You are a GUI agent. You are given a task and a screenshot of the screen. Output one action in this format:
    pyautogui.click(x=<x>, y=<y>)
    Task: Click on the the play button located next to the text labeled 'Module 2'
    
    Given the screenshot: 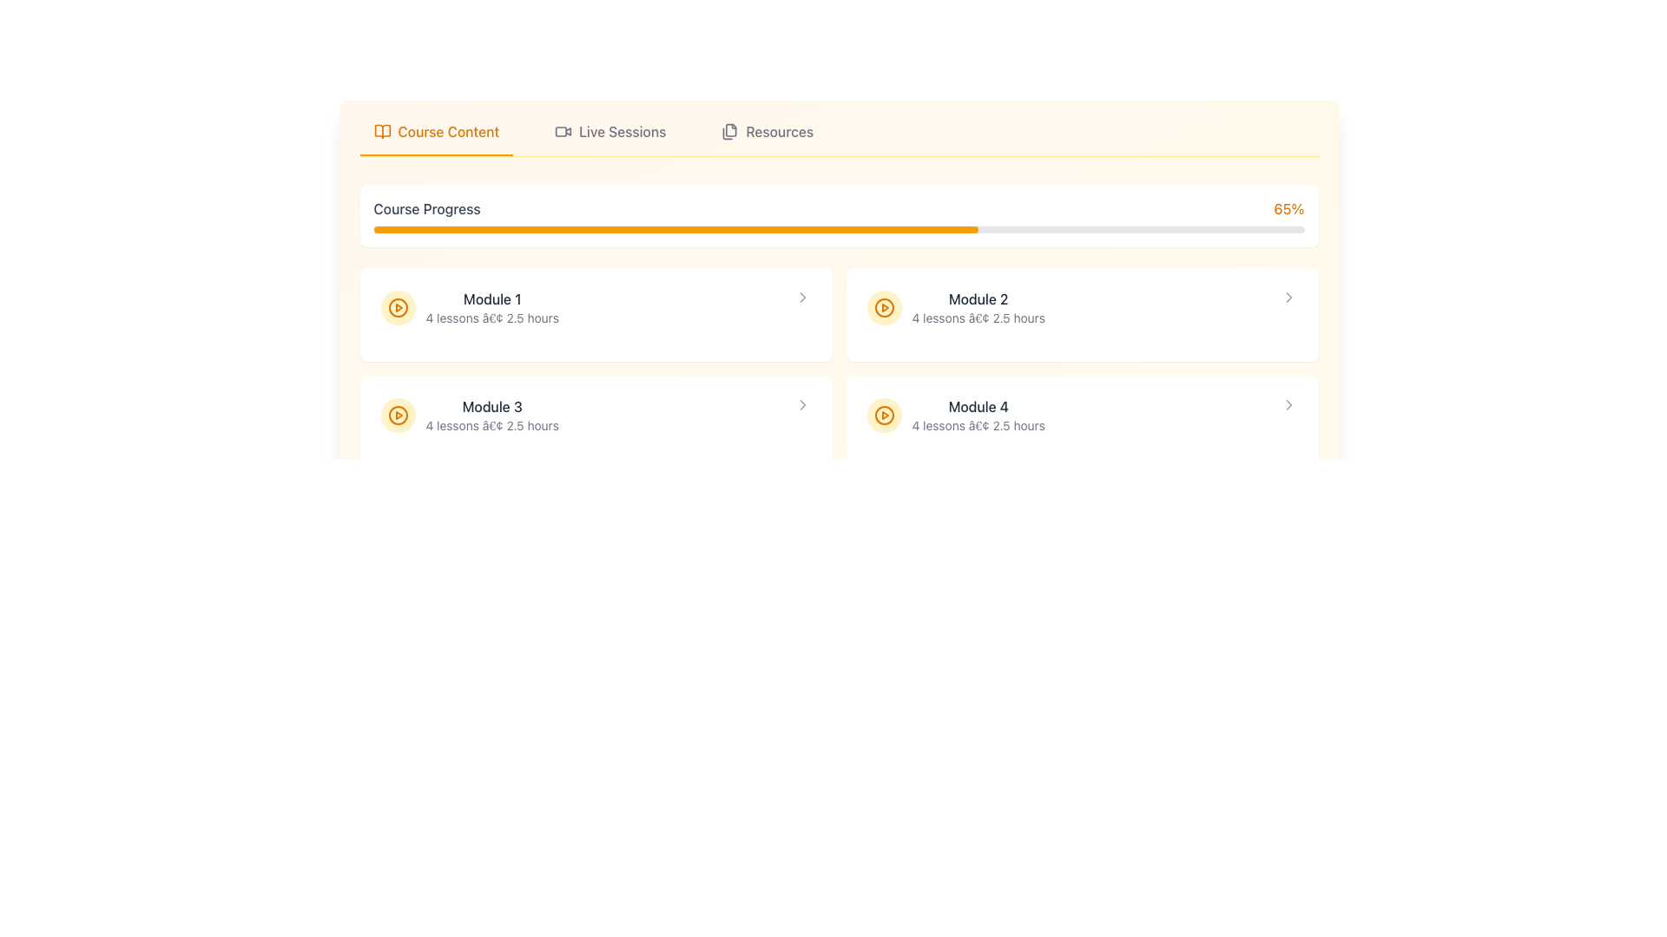 What is the action you would take?
    pyautogui.click(x=884, y=306)
    